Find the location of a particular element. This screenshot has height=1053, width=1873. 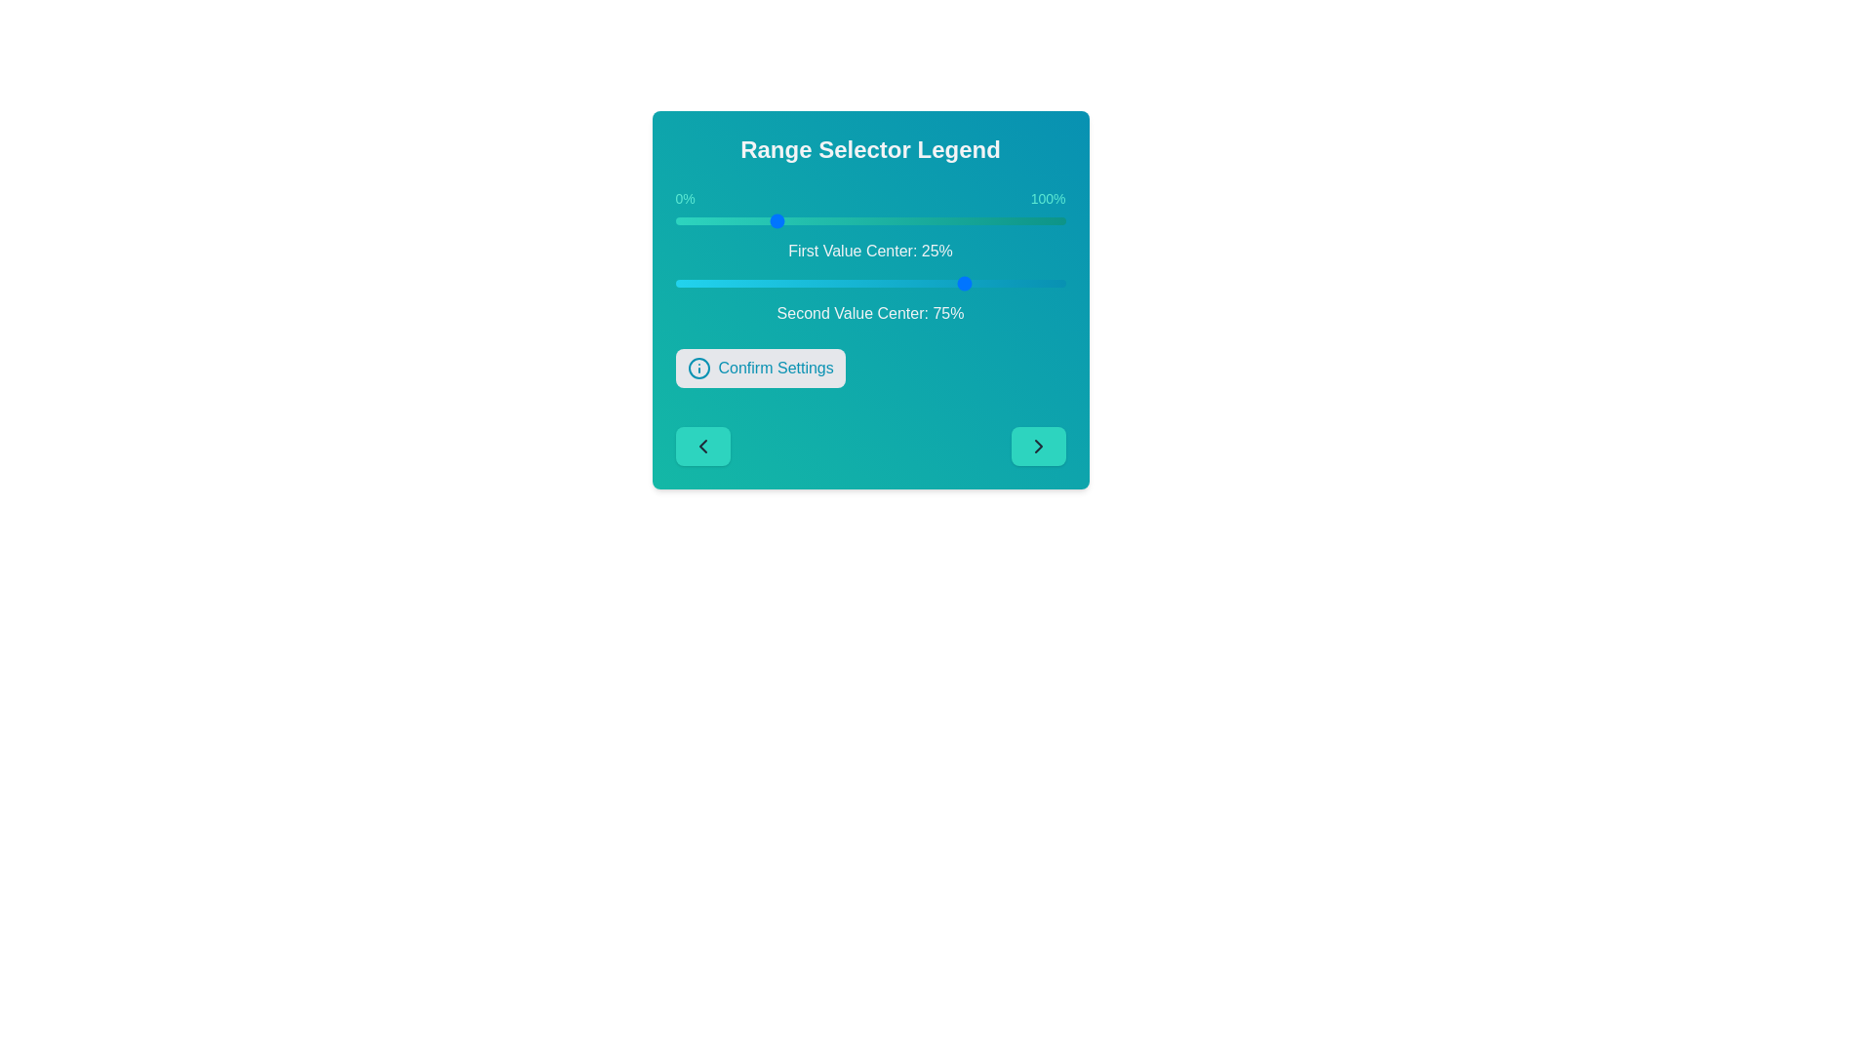

the cyan-colored text label that says 'Confirm Settings' within a grayish button, located in the lower section of a card-like panel is located at coordinates (775, 369).